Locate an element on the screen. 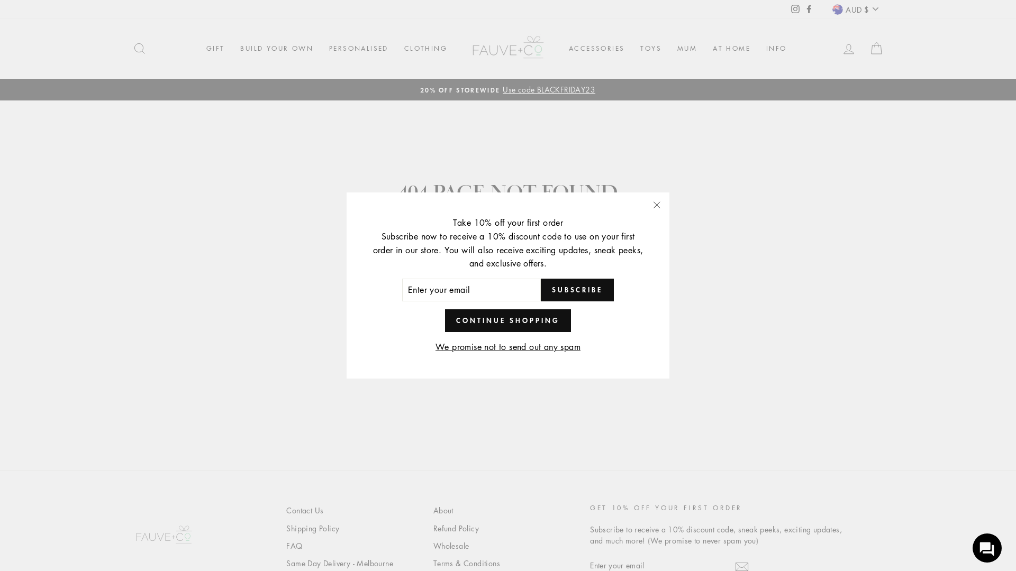 The height and width of the screenshot is (571, 1016). 'MUM' is located at coordinates (687, 49).